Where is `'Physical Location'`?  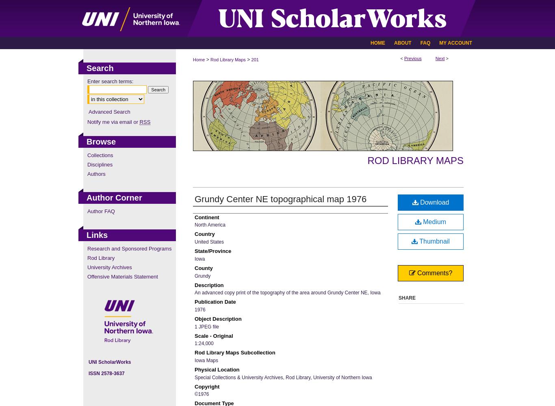 'Physical Location' is located at coordinates (195, 369).